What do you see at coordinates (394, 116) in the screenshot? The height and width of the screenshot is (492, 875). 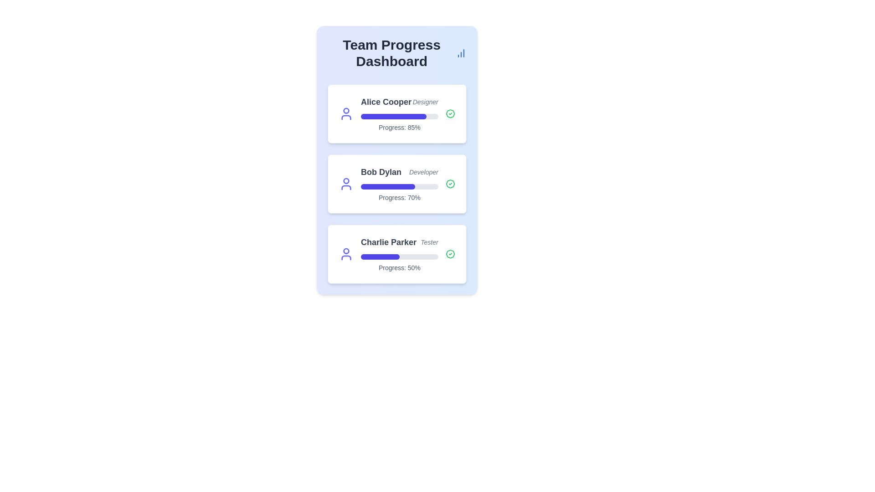 I see `the progress bar representing 85% progress for user 'Alice Cooper' located in the first user card at the top of the 'Team Progress Dashboard'` at bounding box center [394, 116].